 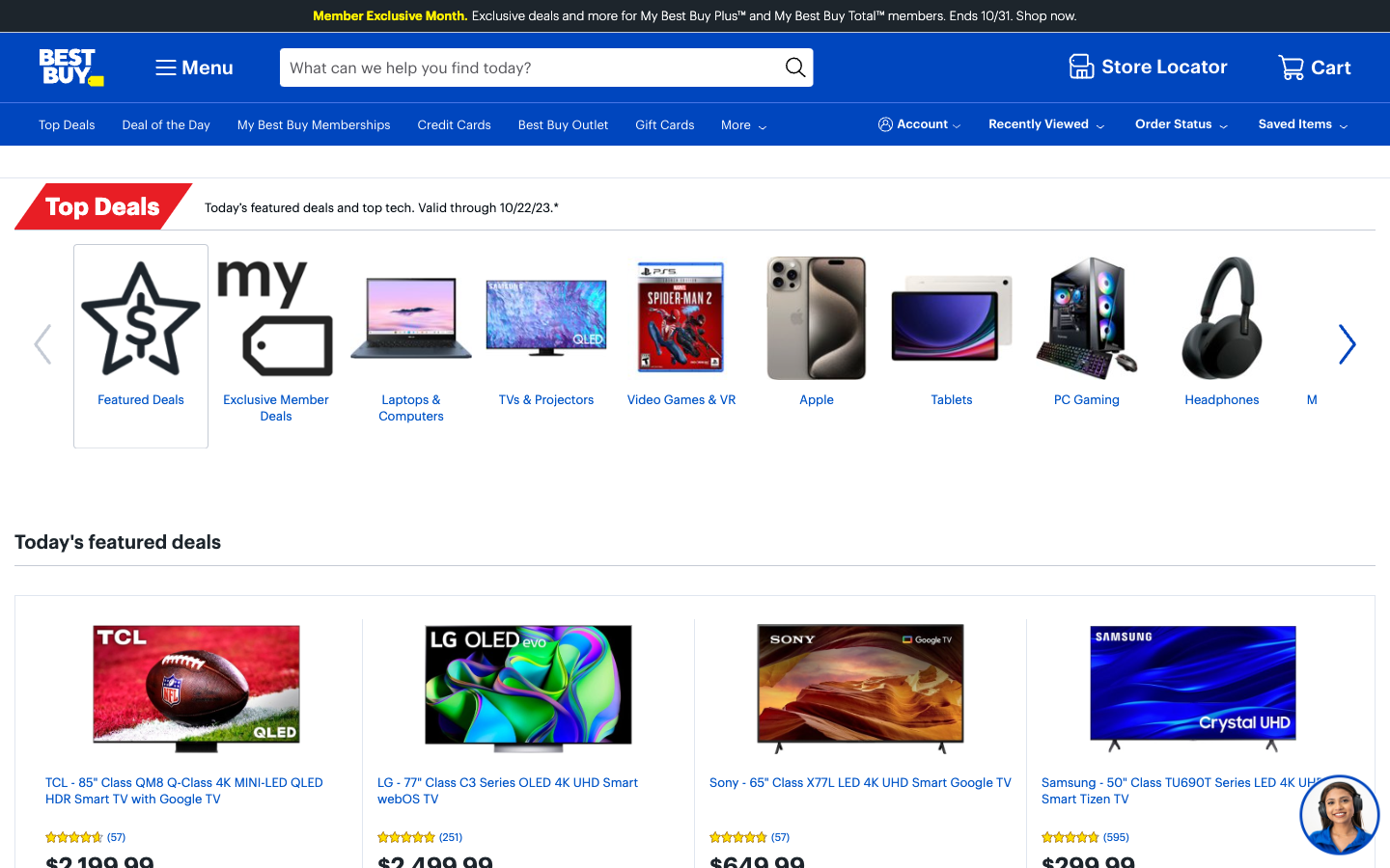 What do you see at coordinates (1191, 836) in the screenshot?
I see `the ratings for Samsung Crystal UHD TV` at bounding box center [1191, 836].